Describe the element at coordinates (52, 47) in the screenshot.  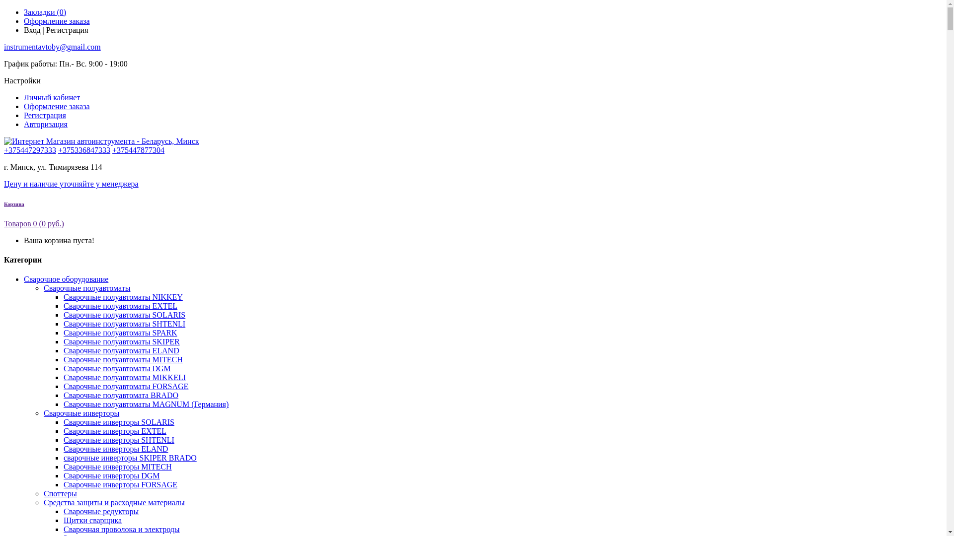
I see `'instrumentavtoby@gmail.com'` at that location.